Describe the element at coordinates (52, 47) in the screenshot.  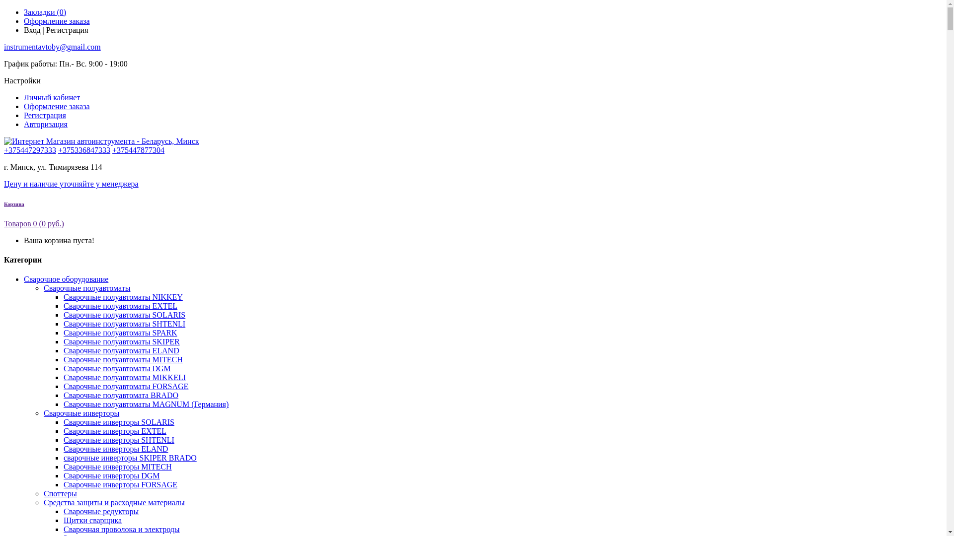
I see `'instrumentavtoby@gmail.com'` at that location.